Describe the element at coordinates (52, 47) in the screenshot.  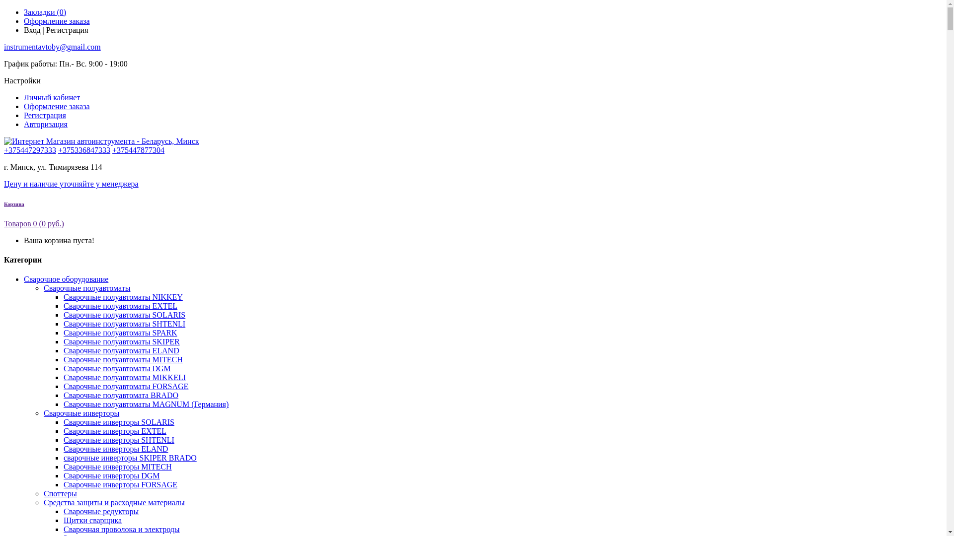
I see `'instrumentavtoby@gmail.com'` at that location.